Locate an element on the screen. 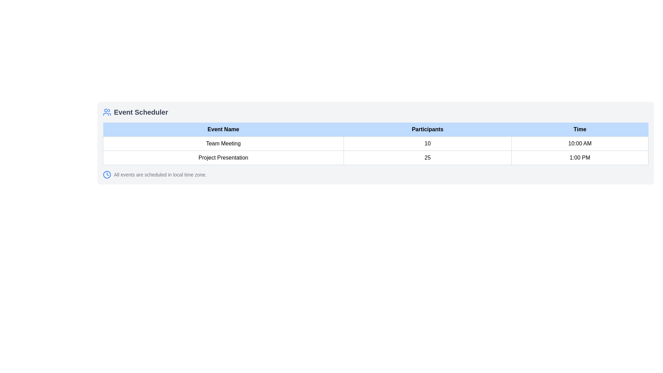 Image resolution: width=663 pixels, height=373 pixels. displayed information from the first row of the events table, which includes the event name 'Team Meeting', the number of participants '10', and the event time '10:00 AM' is located at coordinates (375, 143).